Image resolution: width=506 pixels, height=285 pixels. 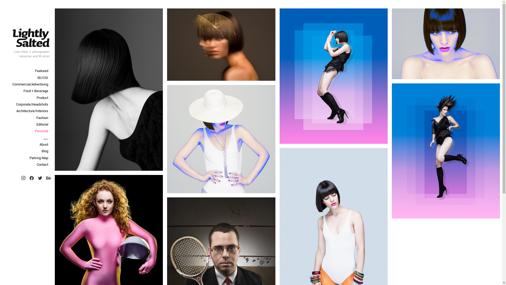 I want to click on 'About', so click(x=26, y=144).